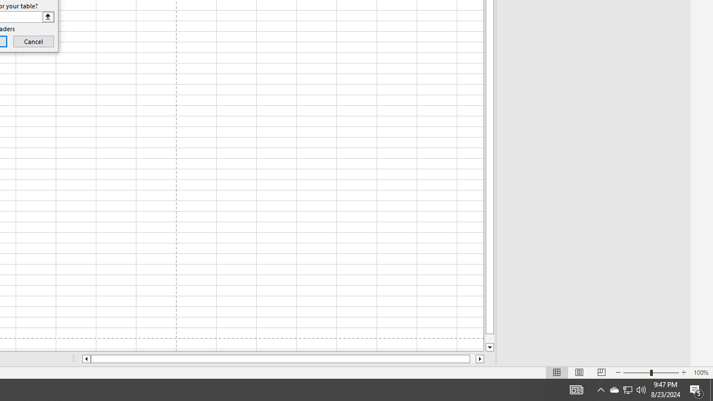 This screenshot has width=713, height=401. I want to click on 'Column left', so click(85, 359).